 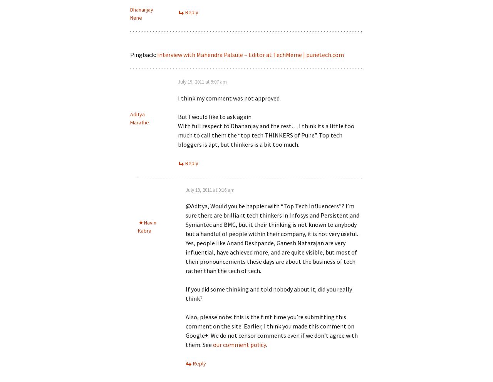 What do you see at coordinates (239, 344) in the screenshot?
I see `'our comment policy'` at bounding box center [239, 344].